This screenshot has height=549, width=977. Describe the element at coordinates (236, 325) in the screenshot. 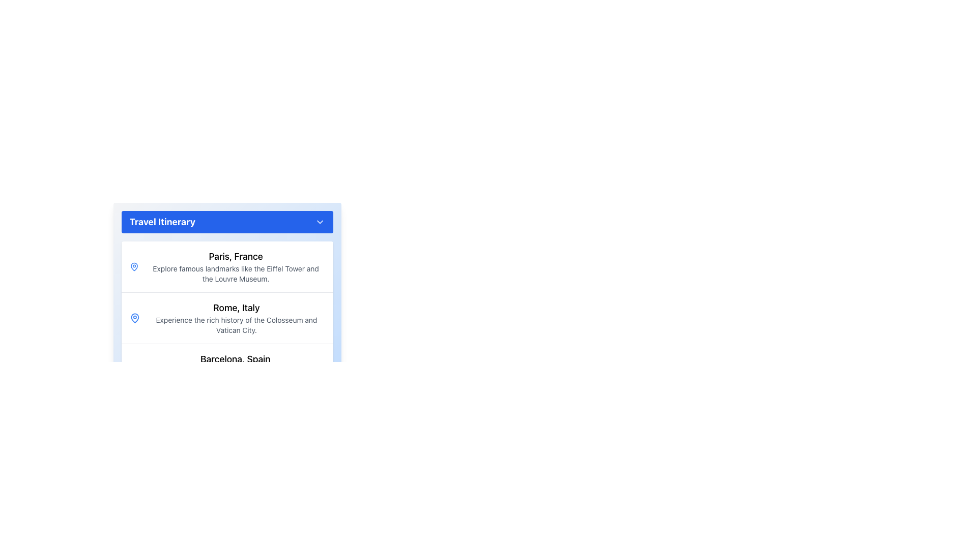

I see `text content 'Experience the rich history of the Colosseum and Vatican City.' which is styled in gray and located below the 'Rome, Italy' title` at that location.